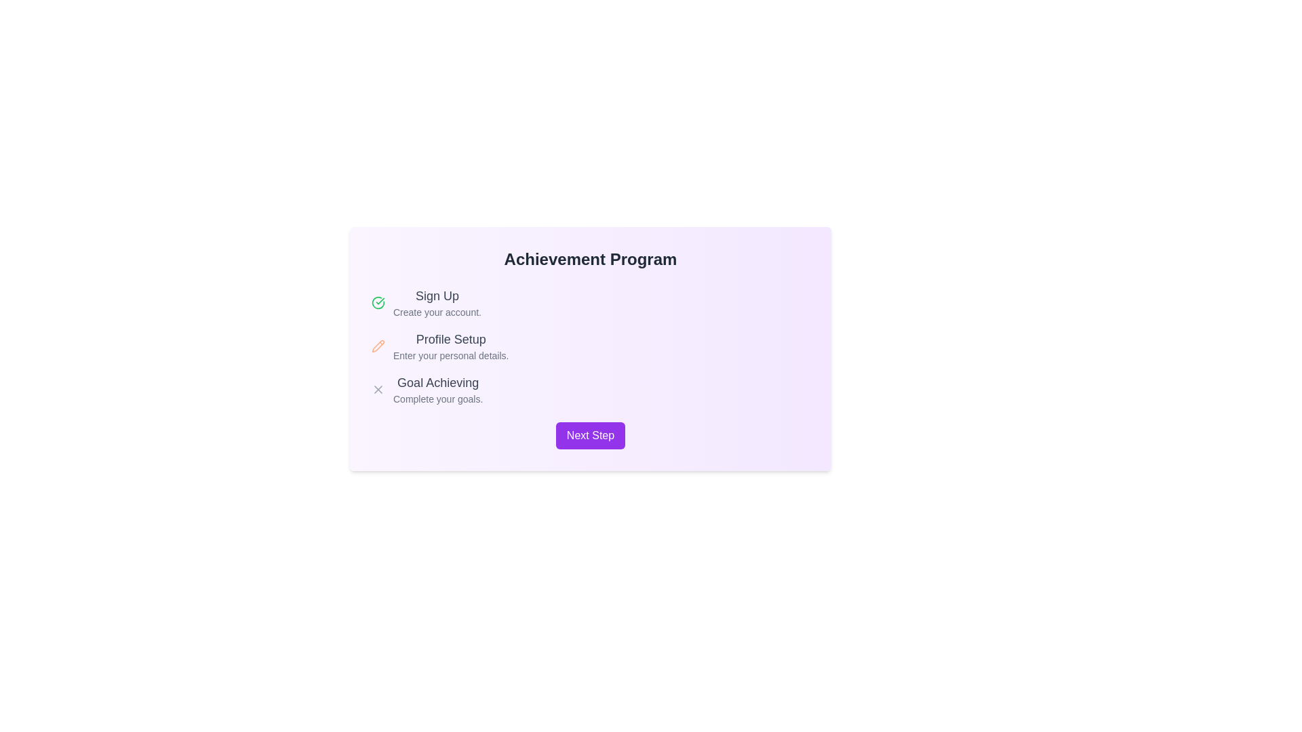  I want to click on an interactive step within the centrally located List of progress steps under the 'Achievement Program' card, so click(590, 345).